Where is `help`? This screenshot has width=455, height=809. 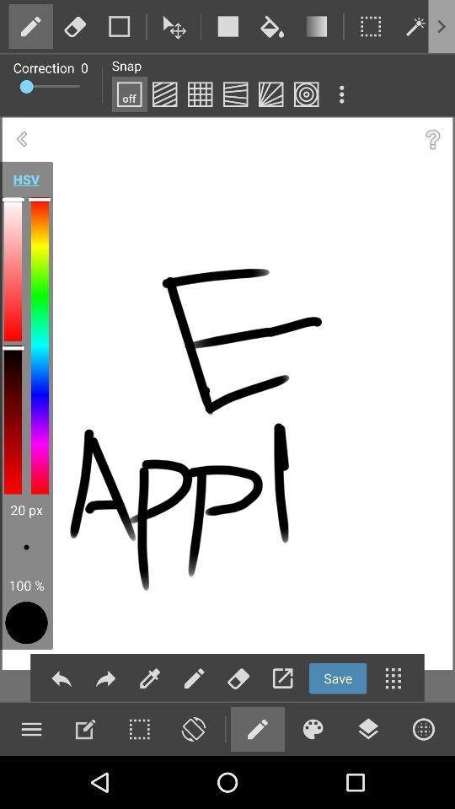
help is located at coordinates (432, 138).